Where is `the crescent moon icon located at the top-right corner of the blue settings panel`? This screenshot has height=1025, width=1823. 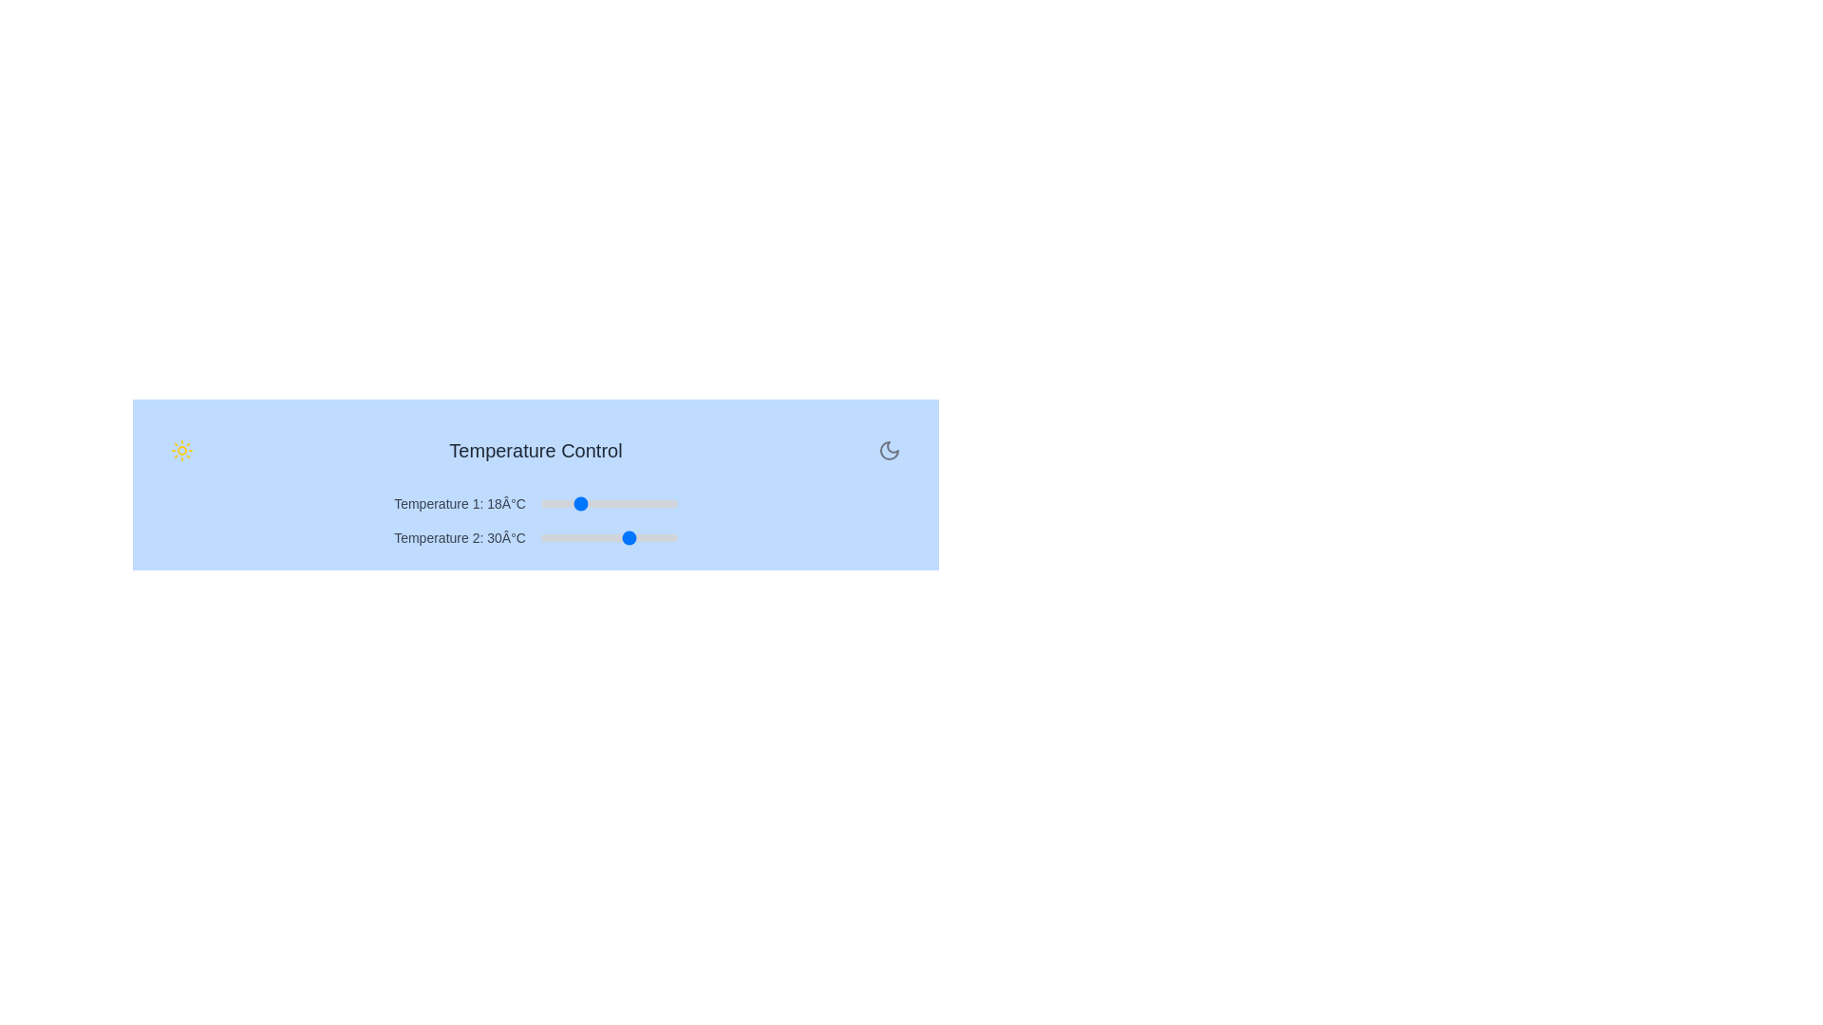
the crescent moon icon located at the top-right corner of the blue settings panel is located at coordinates (888, 450).